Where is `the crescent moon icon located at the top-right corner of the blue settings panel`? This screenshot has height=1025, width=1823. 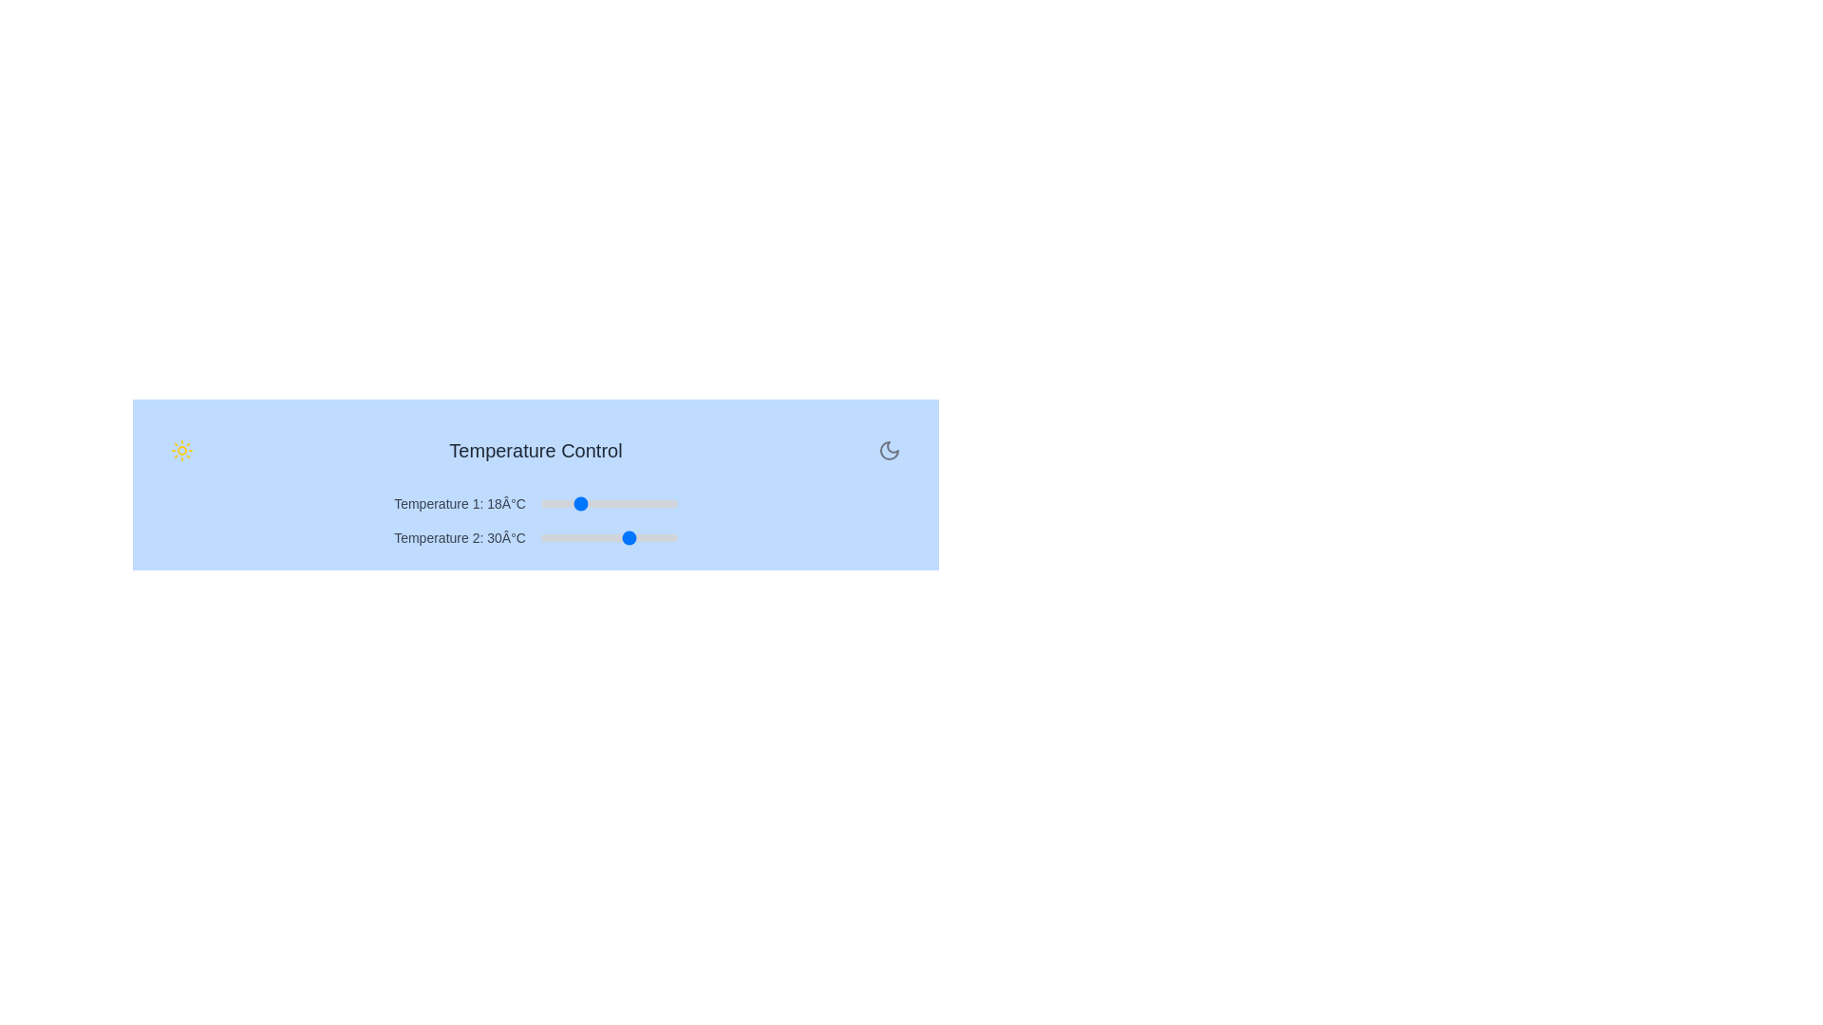
the crescent moon icon located at the top-right corner of the blue settings panel is located at coordinates (888, 450).